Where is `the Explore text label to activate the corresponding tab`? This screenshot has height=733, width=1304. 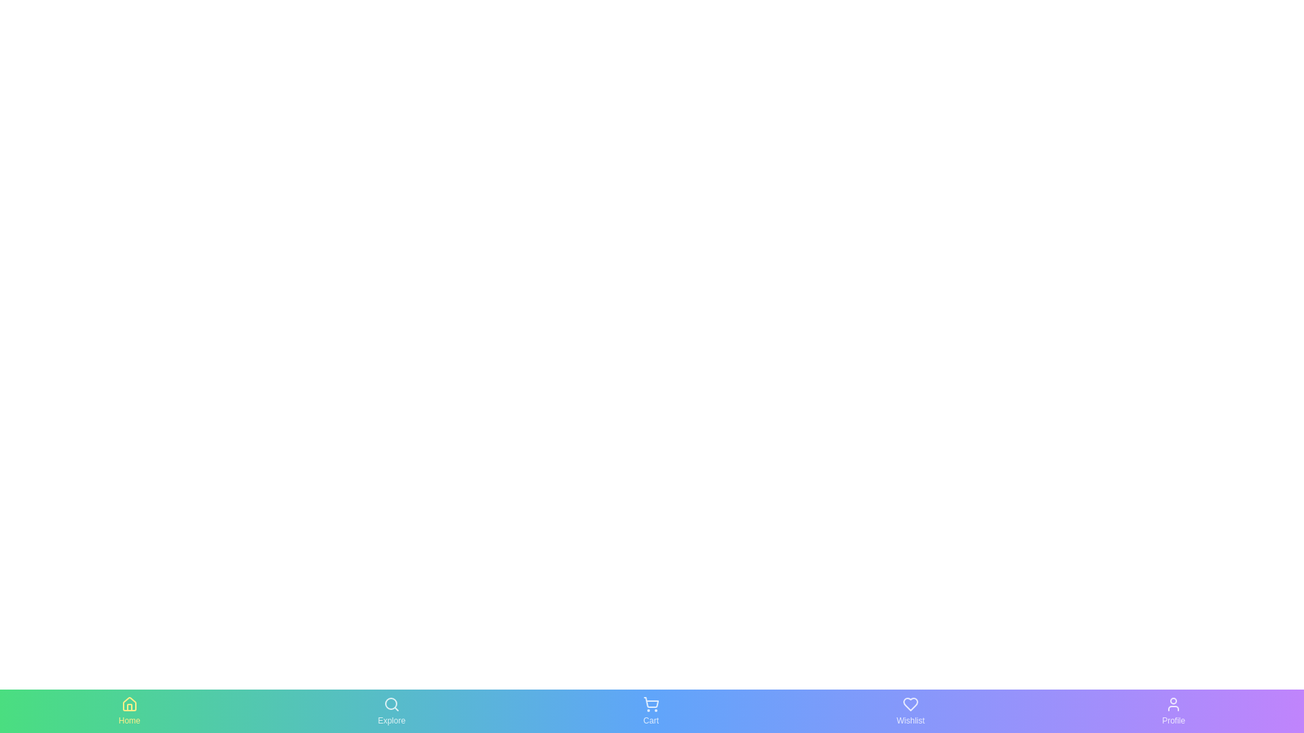
the Explore text label to activate the corresponding tab is located at coordinates (391, 719).